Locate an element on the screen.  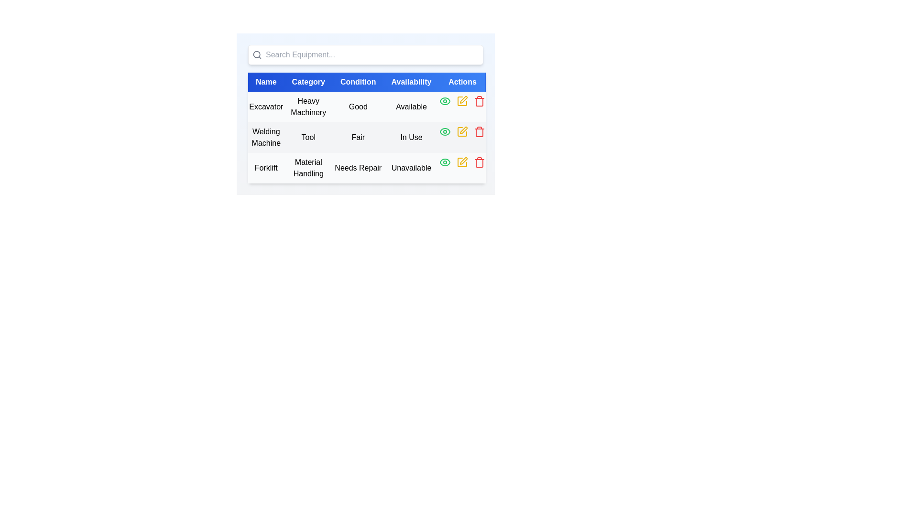
the informational label indicating the status 'Unavailable' for the 'Forklift' entry in the 'Availability' column of the table is located at coordinates (411, 167).